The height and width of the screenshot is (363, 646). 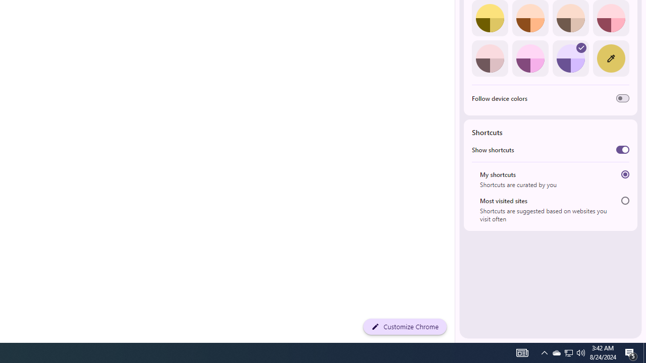 I want to click on 'Citron', so click(x=490, y=18).